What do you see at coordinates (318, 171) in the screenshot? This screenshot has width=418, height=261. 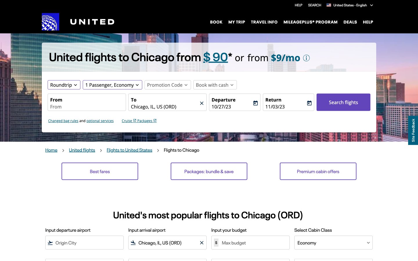 I see `Redirect to Premium Cabin Offers` at bounding box center [318, 171].